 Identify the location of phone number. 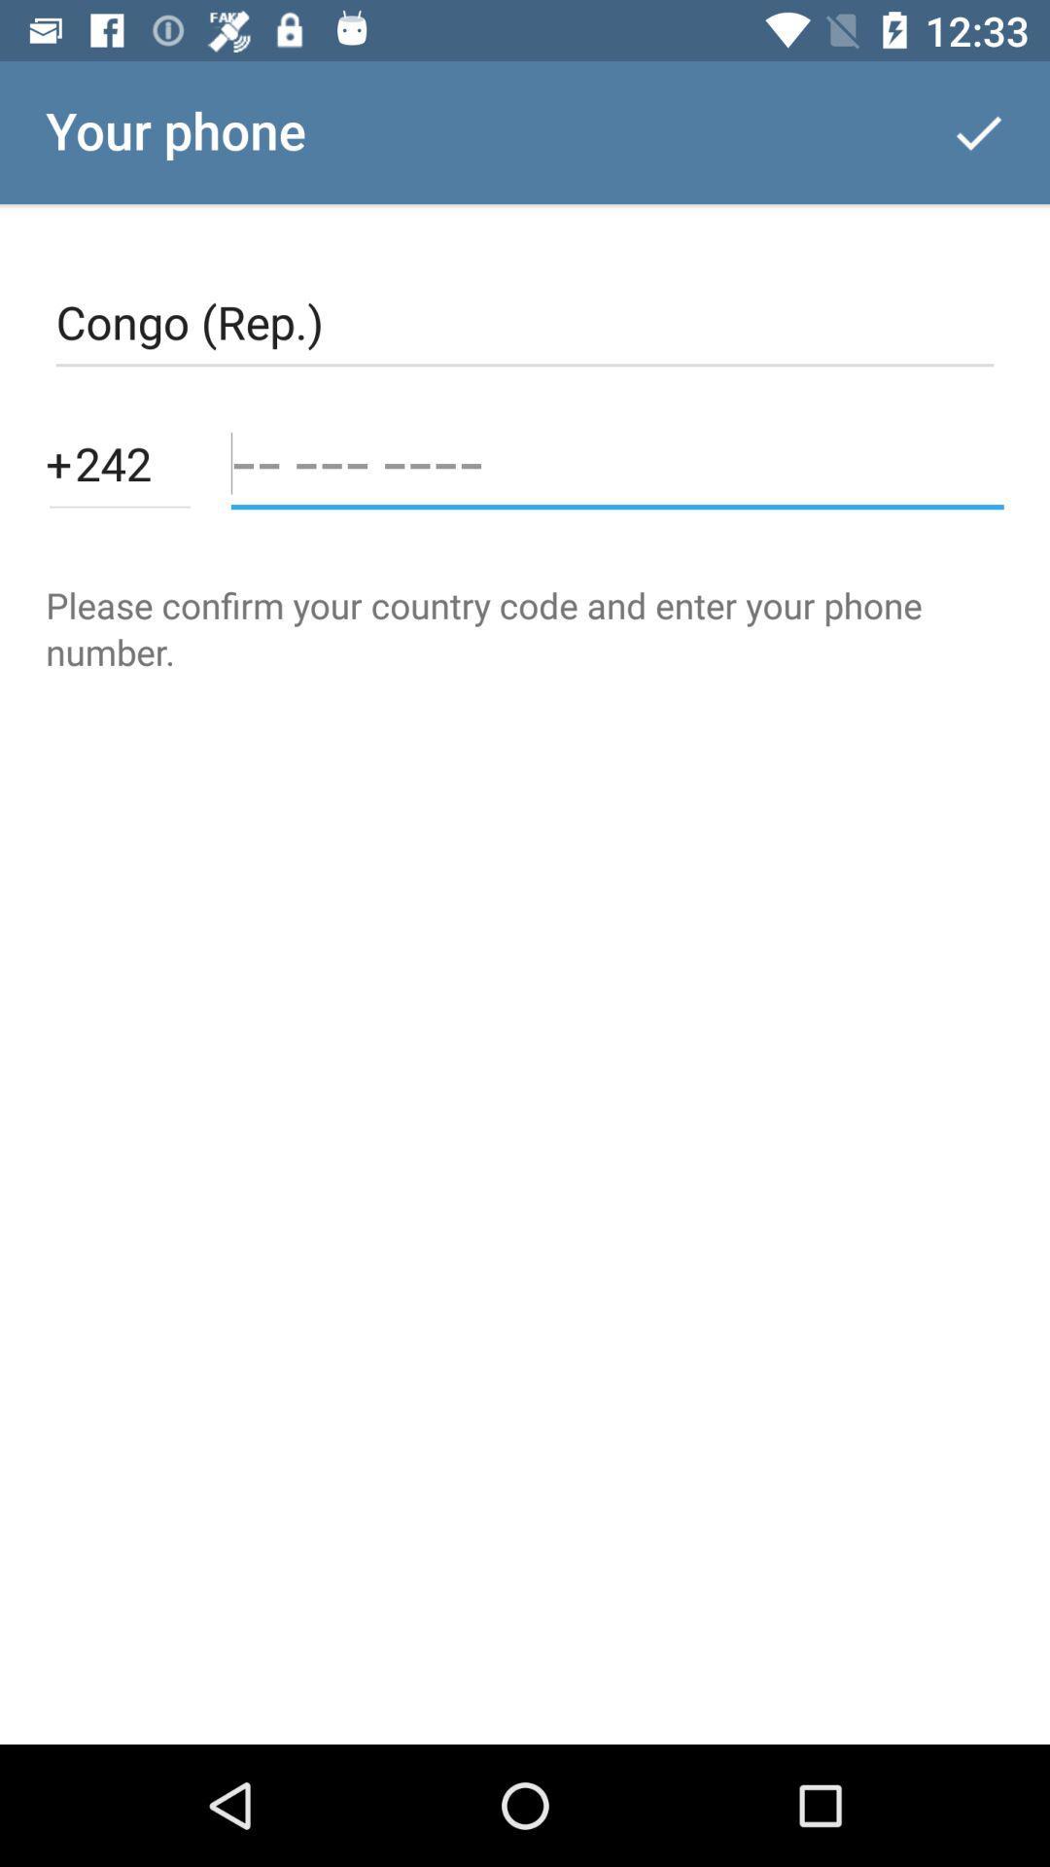
(617, 462).